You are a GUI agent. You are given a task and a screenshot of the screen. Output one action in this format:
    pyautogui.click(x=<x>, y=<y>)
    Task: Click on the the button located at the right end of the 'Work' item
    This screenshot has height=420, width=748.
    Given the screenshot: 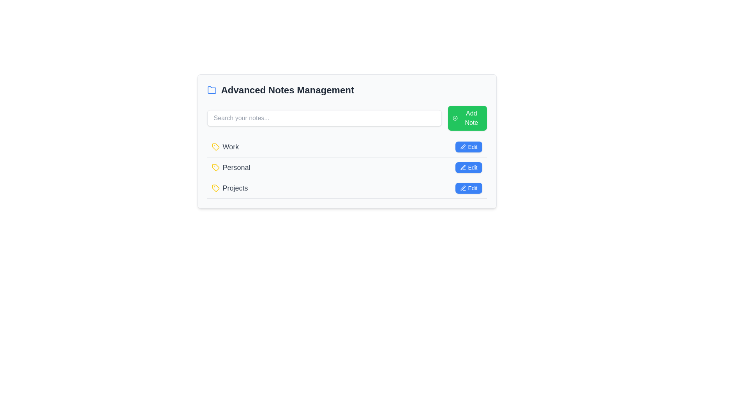 What is the action you would take?
    pyautogui.click(x=468, y=147)
    